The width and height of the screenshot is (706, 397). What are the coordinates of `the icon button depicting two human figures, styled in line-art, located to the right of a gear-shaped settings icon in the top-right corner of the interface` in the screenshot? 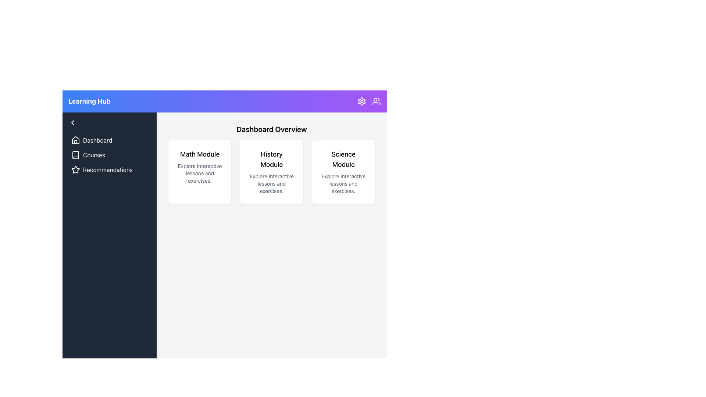 It's located at (376, 101).